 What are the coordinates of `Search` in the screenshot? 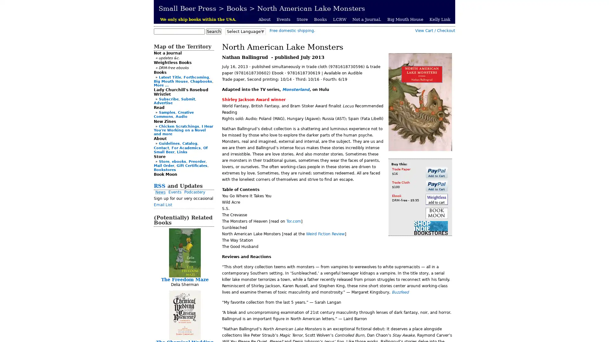 It's located at (213, 31).